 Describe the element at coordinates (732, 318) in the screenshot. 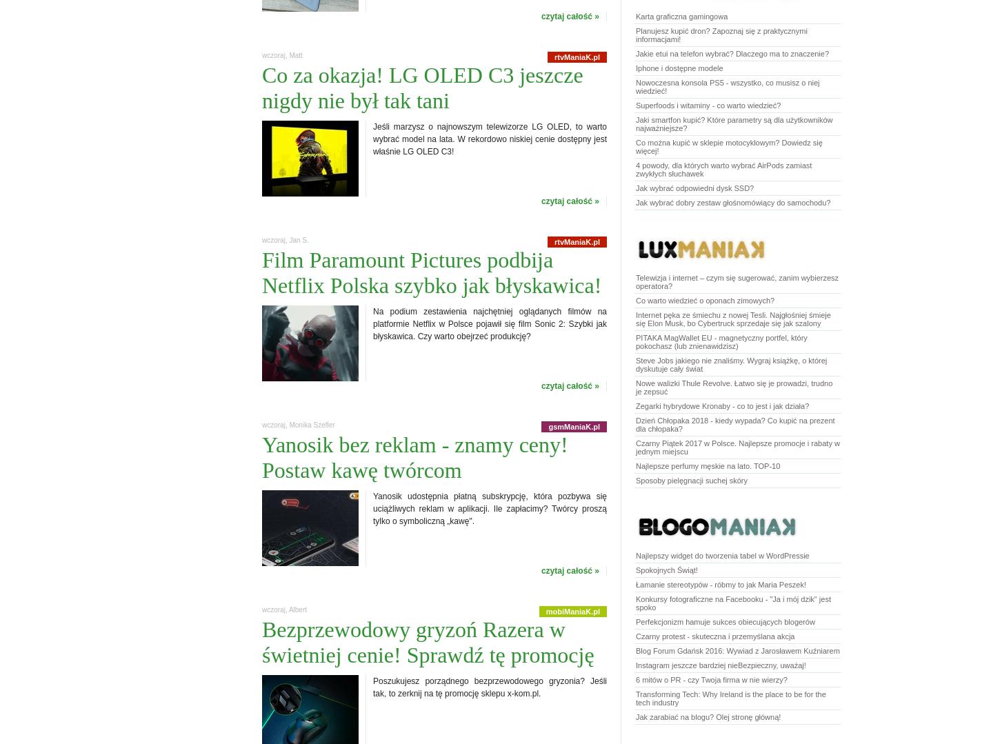

I see `'Internet pęka ze śmiechu z nowej Tesli. Najgłośniej śmieje się Elon Musk, bo Cybertruck sprzedaje się jak szalony'` at that location.